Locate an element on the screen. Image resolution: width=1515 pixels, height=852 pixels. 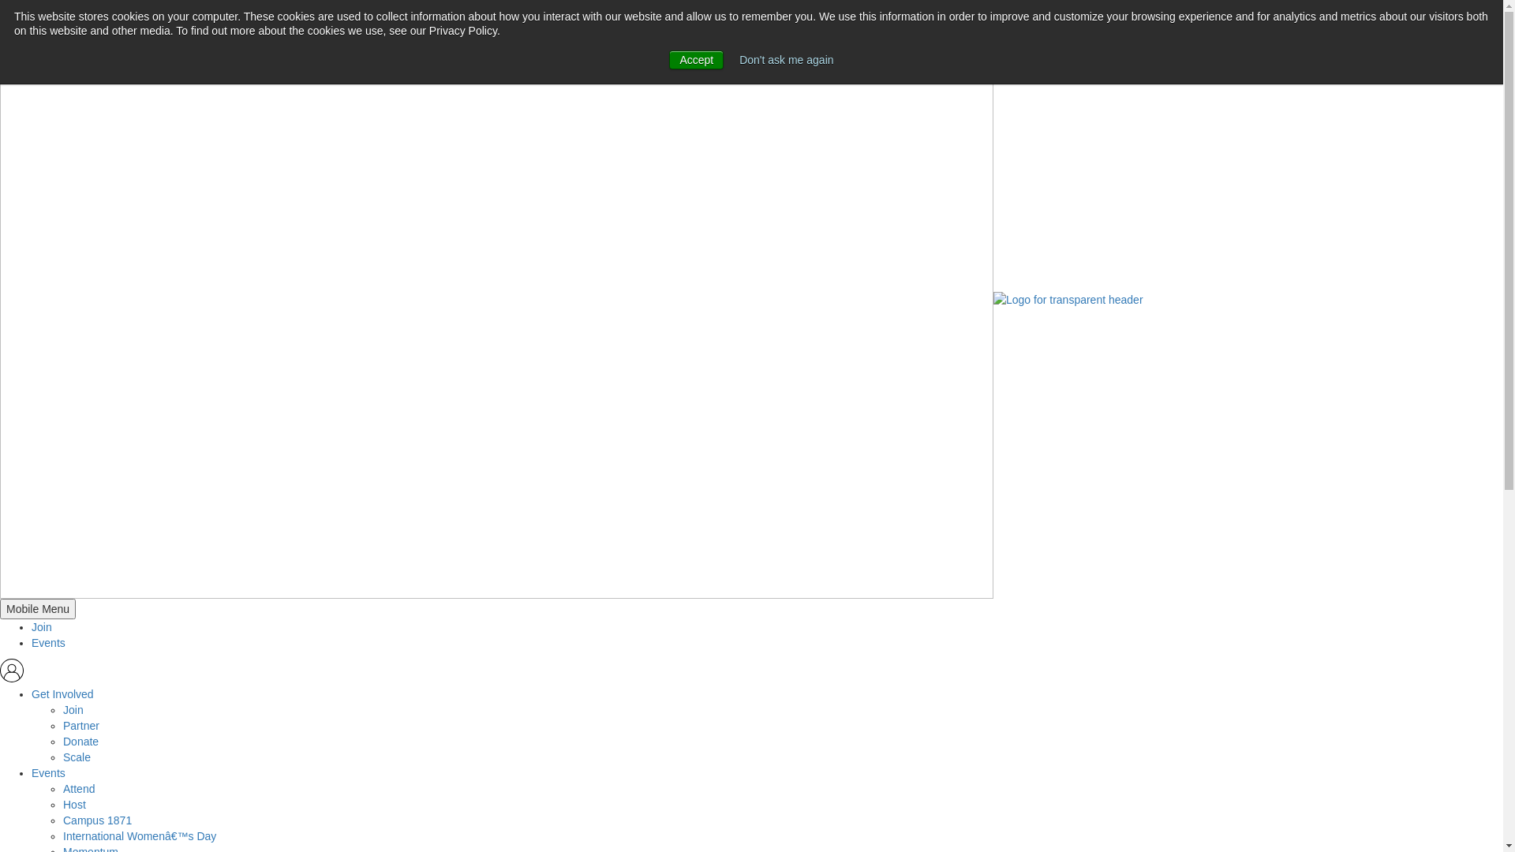
'Accept' is located at coordinates (695, 59).